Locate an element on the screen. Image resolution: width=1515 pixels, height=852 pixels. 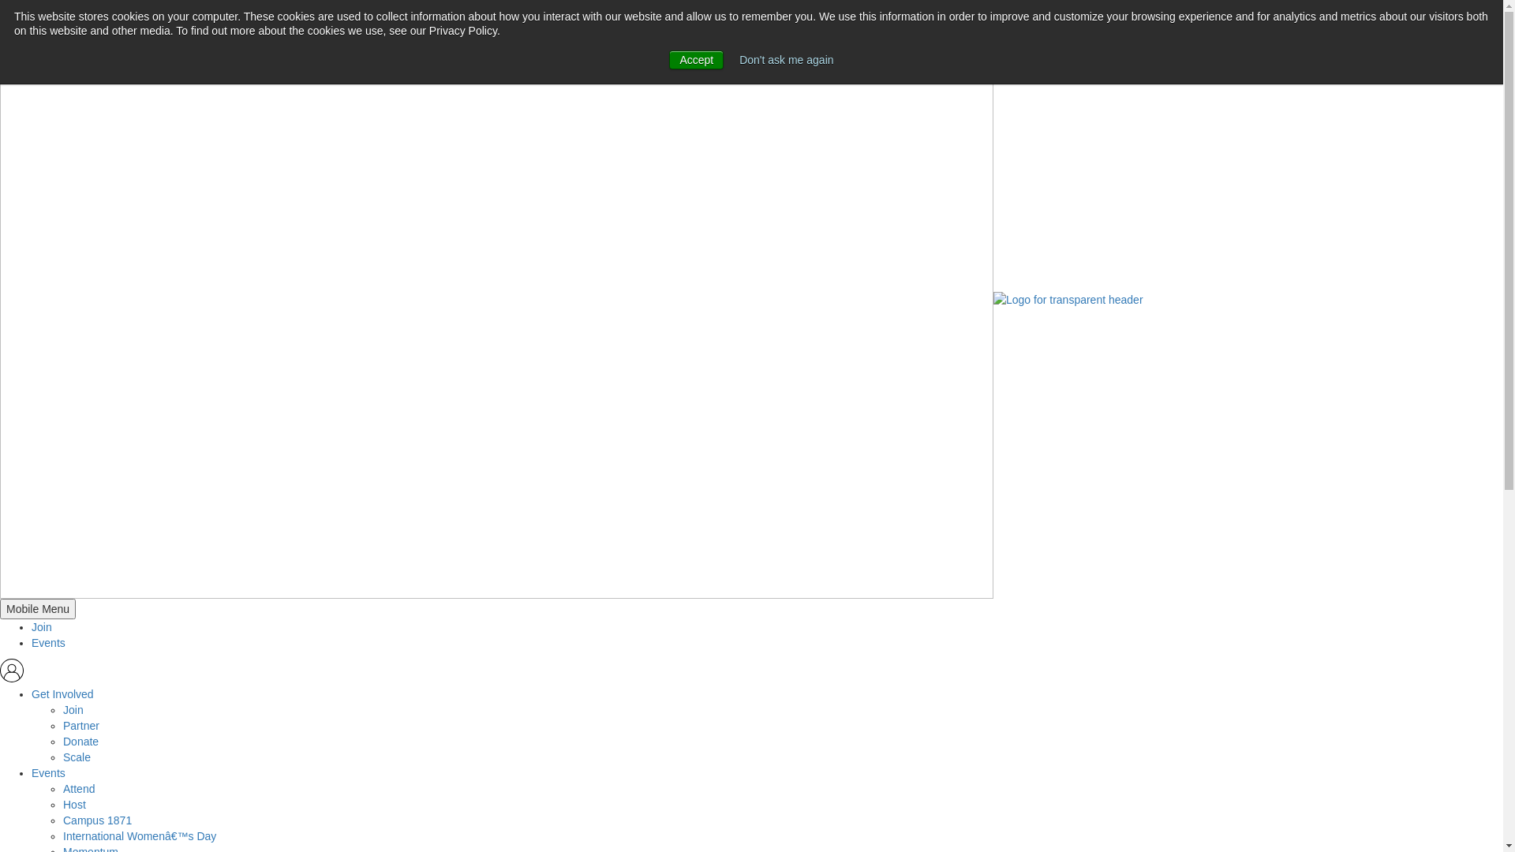
'Accept' is located at coordinates (695, 59).